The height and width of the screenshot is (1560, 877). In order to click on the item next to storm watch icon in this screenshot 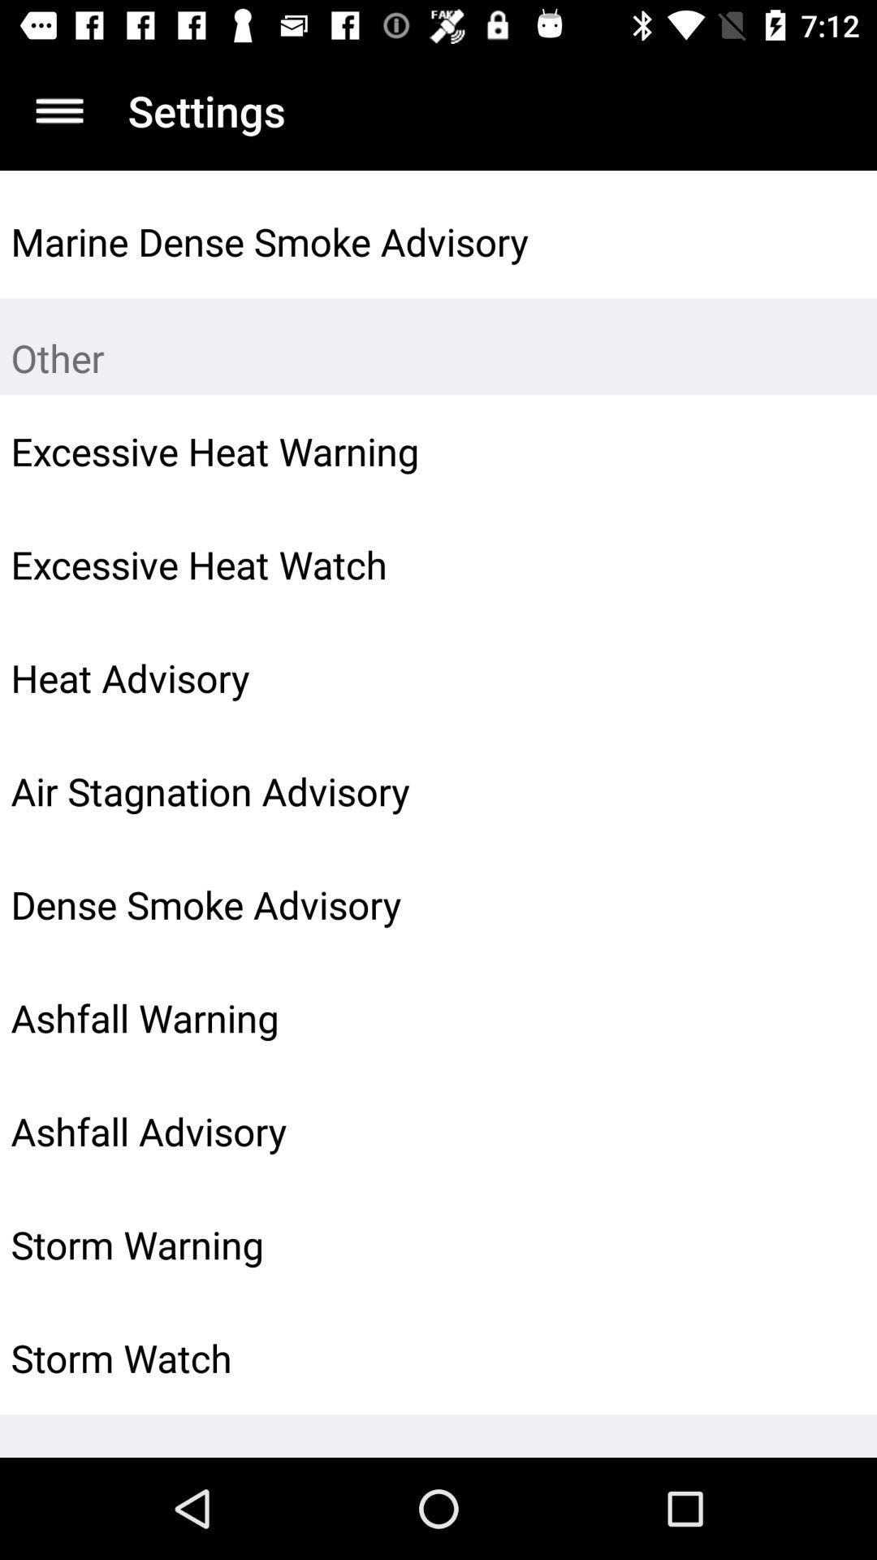, I will do `click(826, 1358)`.